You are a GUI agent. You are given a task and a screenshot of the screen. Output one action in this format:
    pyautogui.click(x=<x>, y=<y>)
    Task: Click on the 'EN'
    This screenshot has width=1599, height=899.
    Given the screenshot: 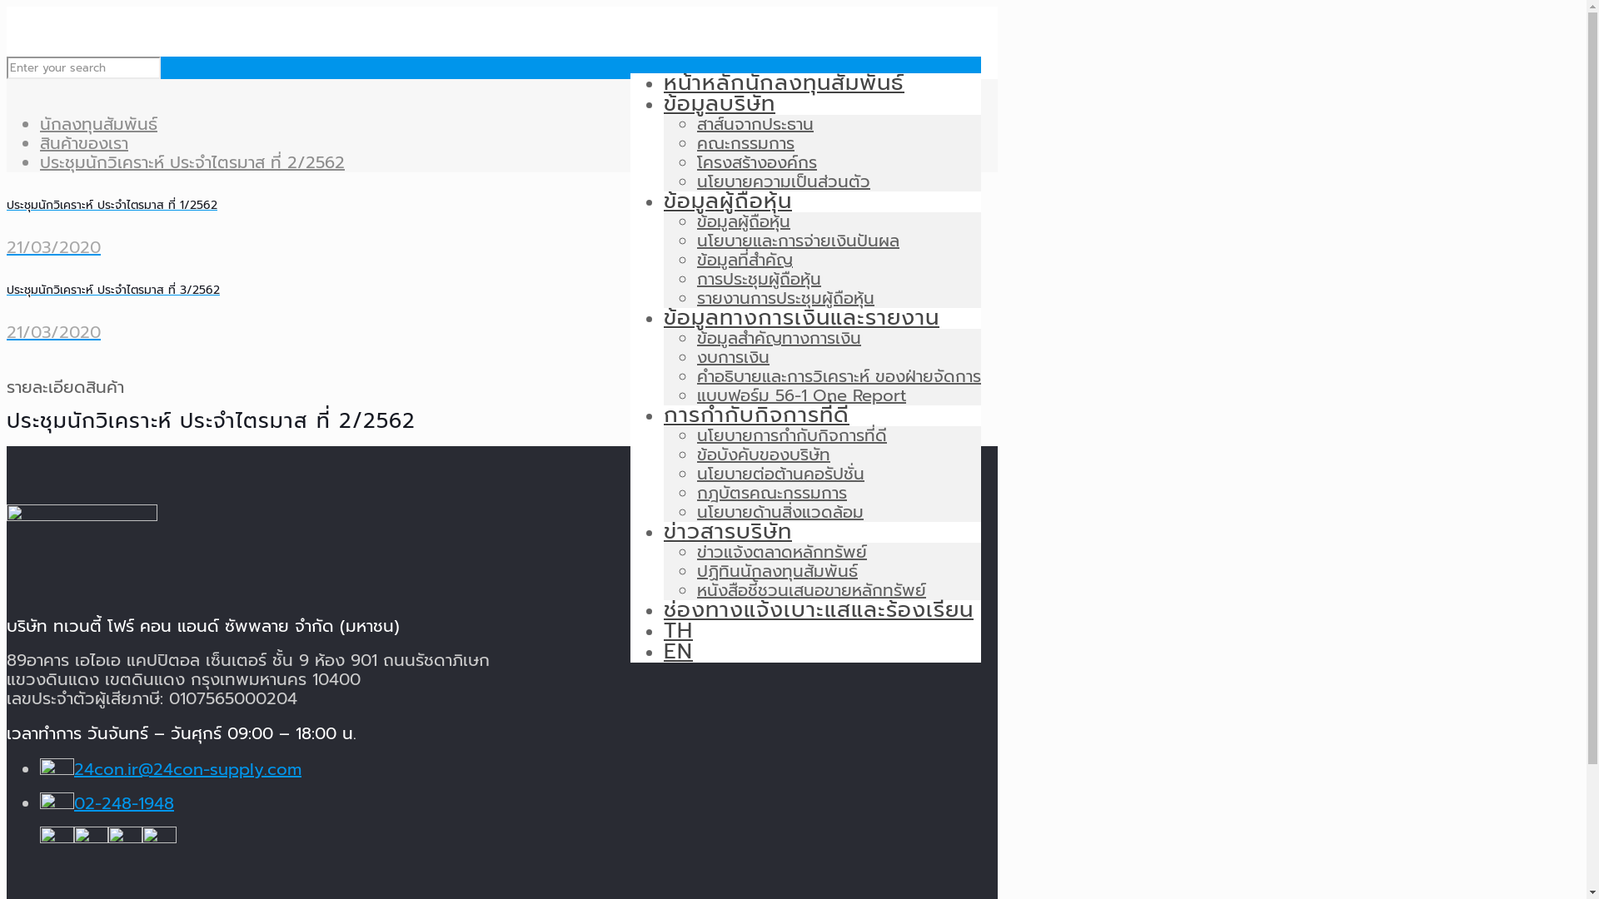 What is the action you would take?
    pyautogui.click(x=678, y=650)
    